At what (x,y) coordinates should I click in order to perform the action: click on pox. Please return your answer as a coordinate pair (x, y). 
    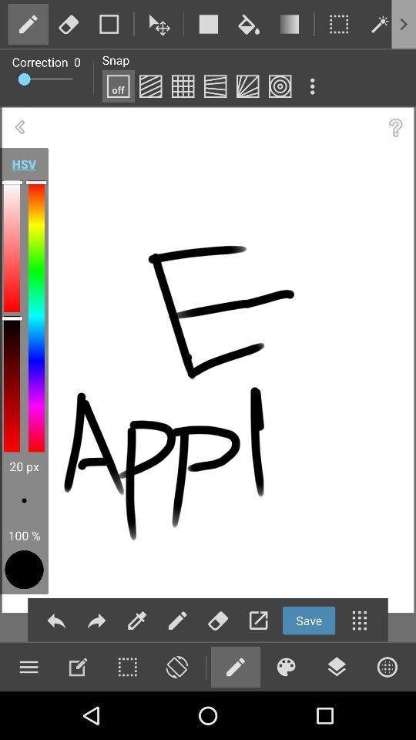
    Looking at the image, I should click on (183, 86).